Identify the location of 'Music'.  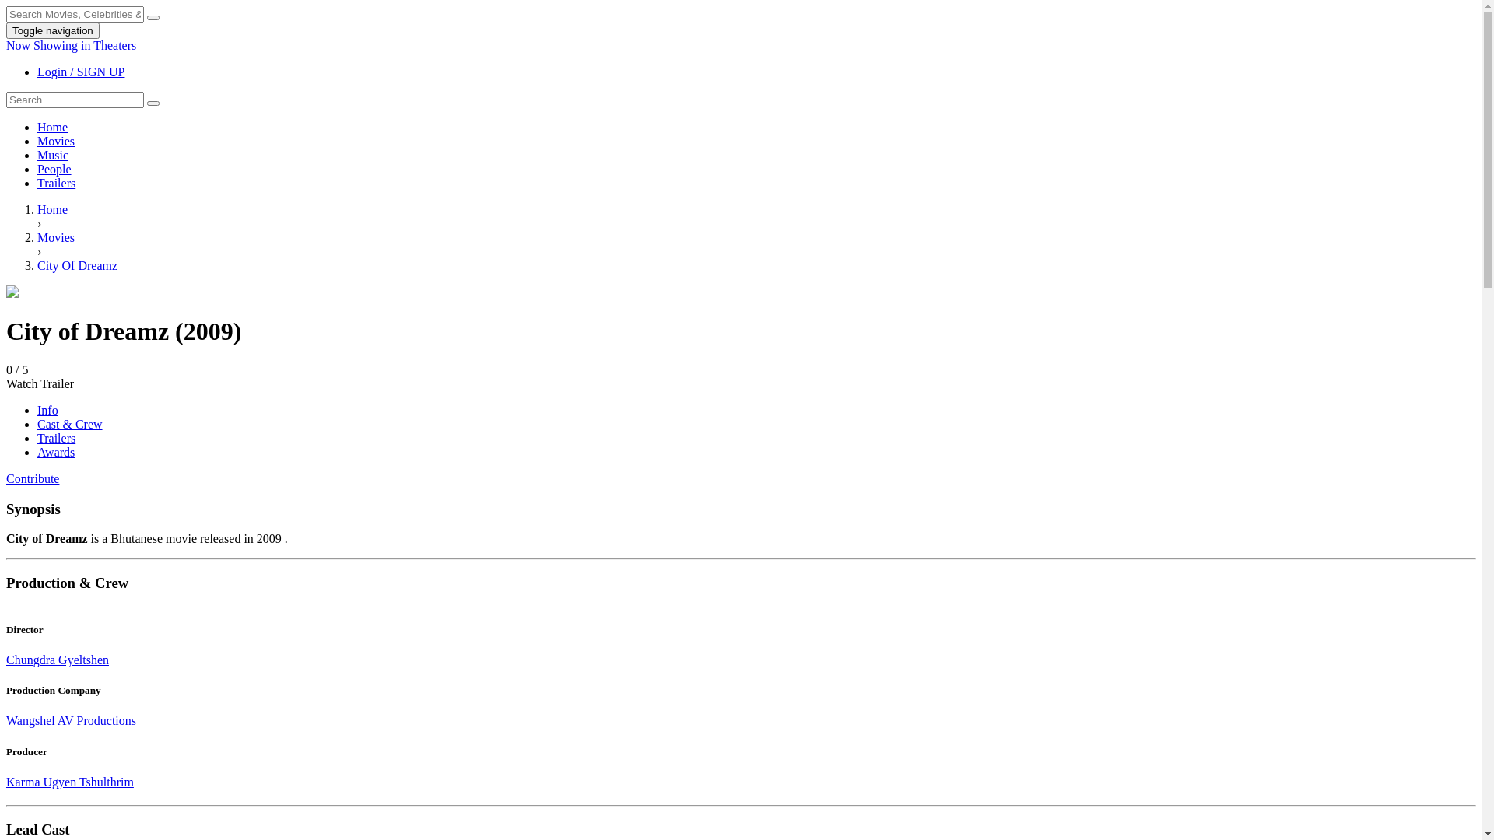
(52, 155).